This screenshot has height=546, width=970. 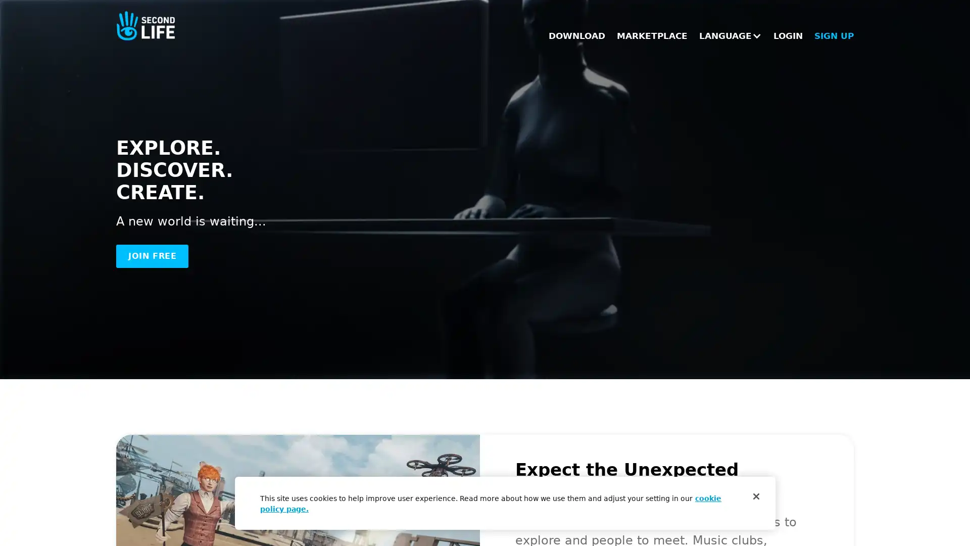 What do you see at coordinates (756, 496) in the screenshot?
I see `Close` at bounding box center [756, 496].